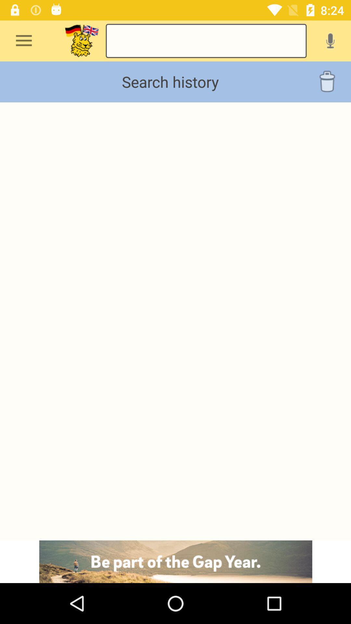  What do you see at coordinates (175, 561) in the screenshot?
I see `advertisement page` at bounding box center [175, 561].